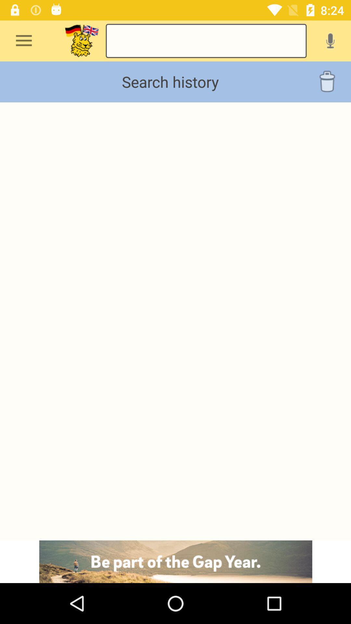  What do you see at coordinates (175, 561) in the screenshot?
I see `advertisement page` at bounding box center [175, 561].